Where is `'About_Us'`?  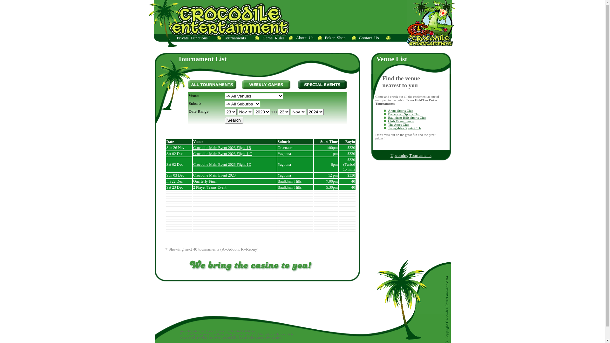 'About_Us' is located at coordinates (304, 37).